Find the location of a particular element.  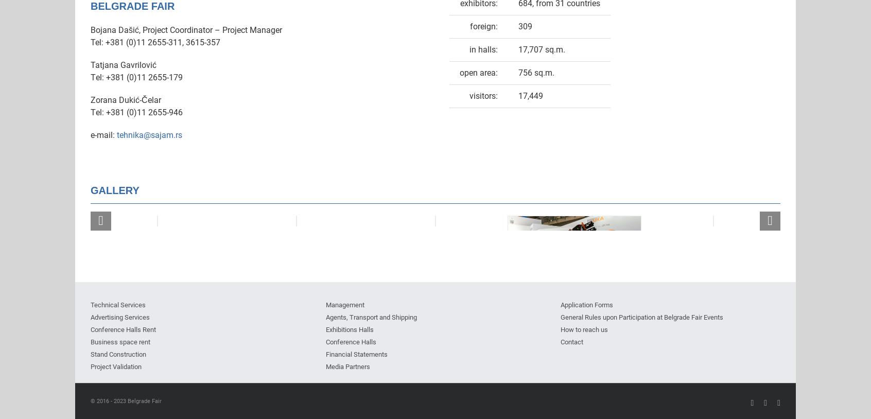

'Media Partners' is located at coordinates (347, 366).